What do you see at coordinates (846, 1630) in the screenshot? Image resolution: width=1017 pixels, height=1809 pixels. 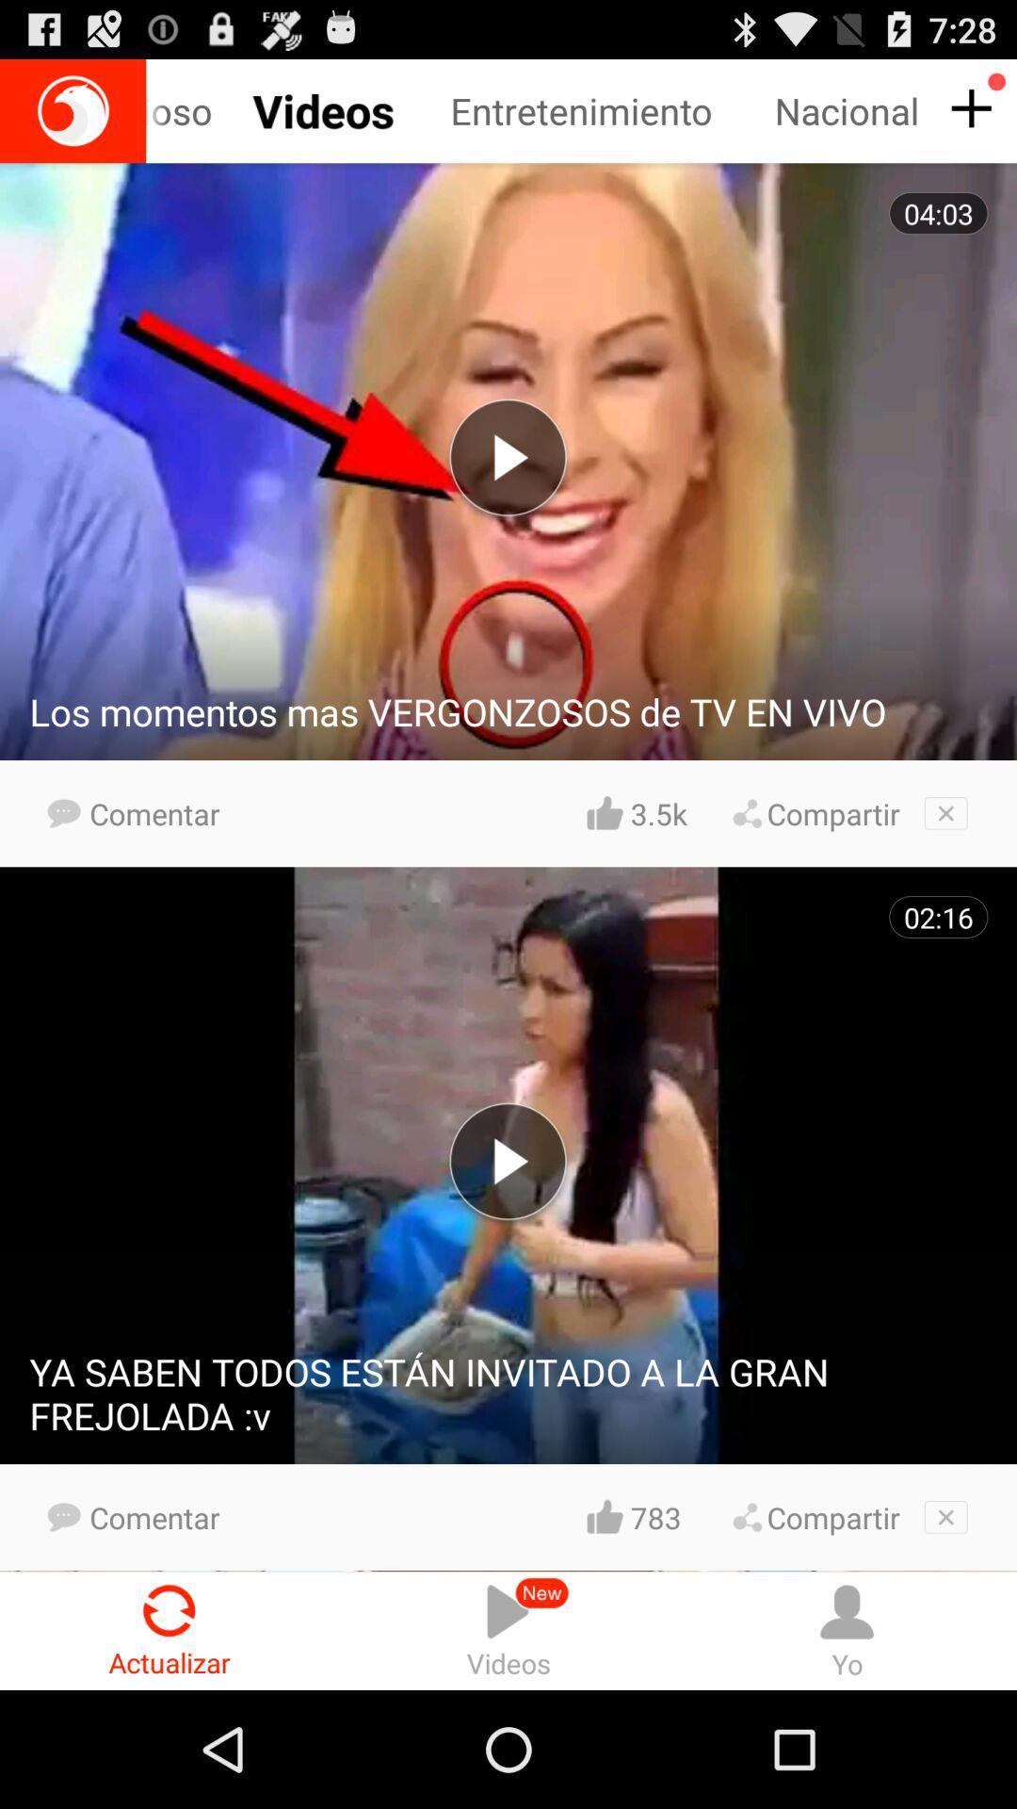 I see `the yo radio button` at bounding box center [846, 1630].